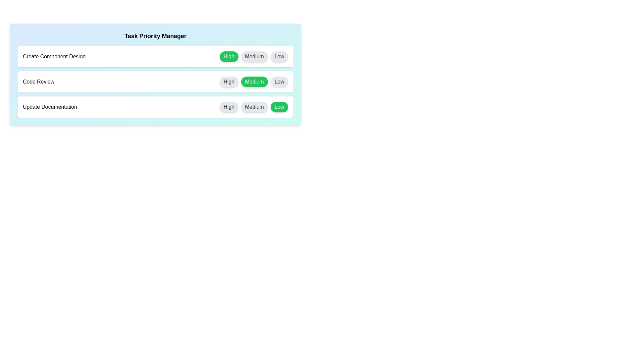  What do you see at coordinates (279, 107) in the screenshot?
I see `the Low button for the task 'Update Documentation' to set its priority` at bounding box center [279, 107].